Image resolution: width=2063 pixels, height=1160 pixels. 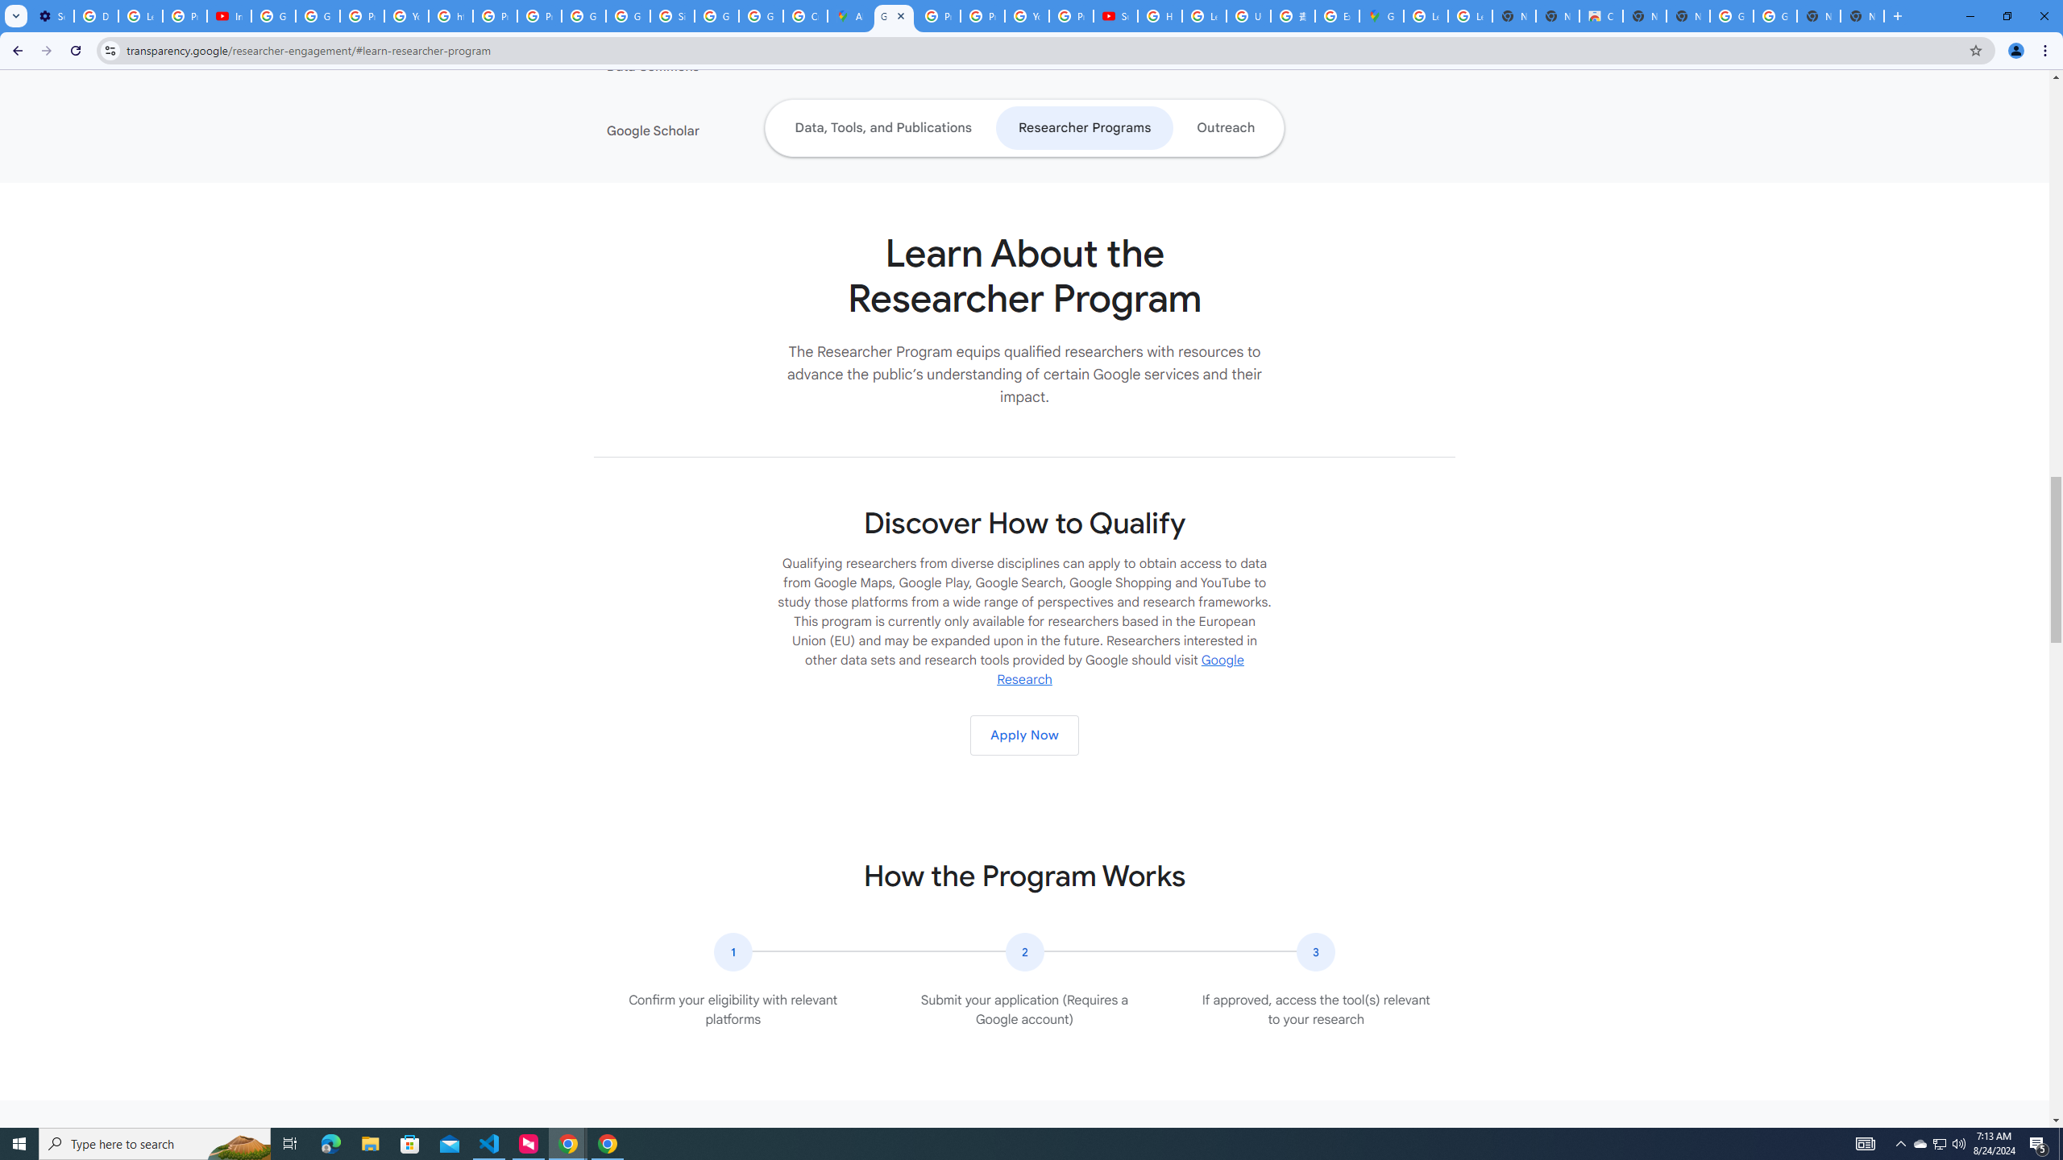 What do you see at coordinates (229, 15) in the screenshot?
I see `'Introduction | Google Privacy Policy - YouTube'` at bounding box center [229, 15].